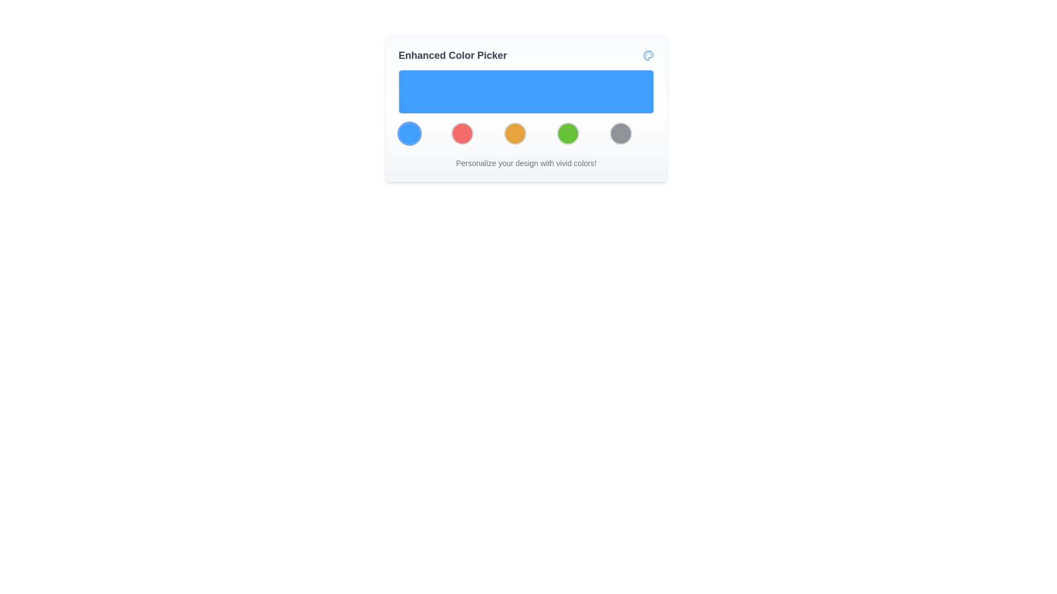 The height and width of the screenshot is (594, 1057). What do you see at coordinates (453, 55) in the screenshot?
I see `the text label reading 'Enhanced Color Picker'` at bounding box center [453, 55].